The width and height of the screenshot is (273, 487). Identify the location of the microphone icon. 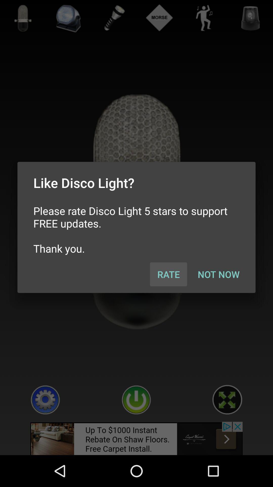
(22, 18).